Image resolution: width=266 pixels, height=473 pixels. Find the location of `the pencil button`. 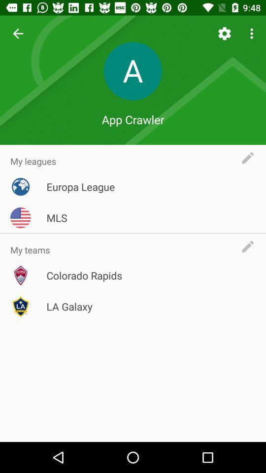

the pencil button is located at coordinates (250, 246).